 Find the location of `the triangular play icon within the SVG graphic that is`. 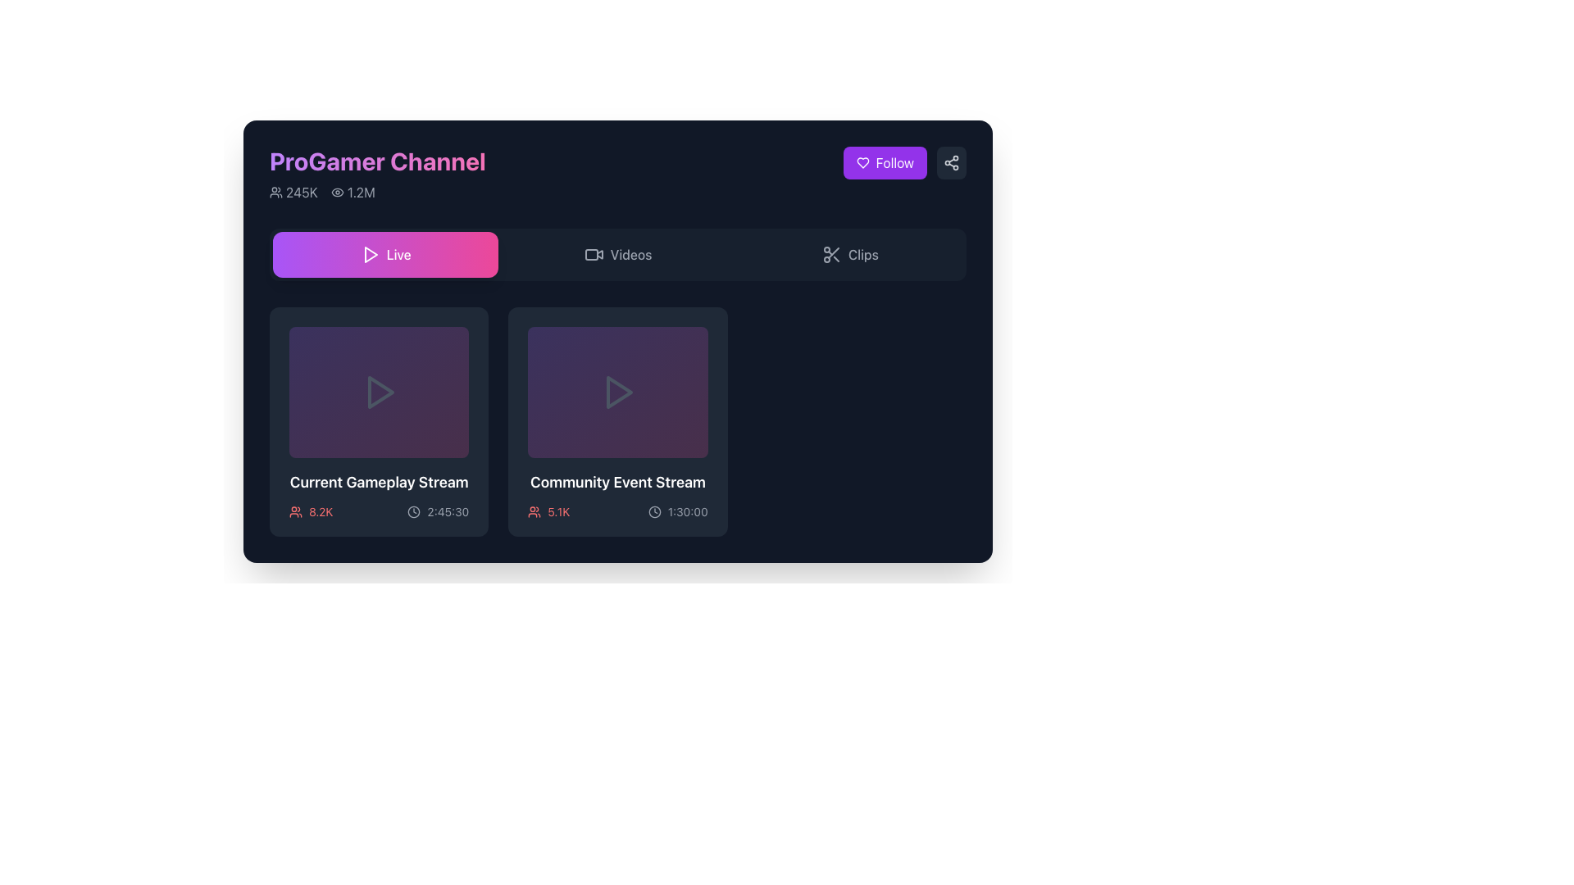

the triangular play icon within the SVG graphic that is is located at coordinates (370, 255).